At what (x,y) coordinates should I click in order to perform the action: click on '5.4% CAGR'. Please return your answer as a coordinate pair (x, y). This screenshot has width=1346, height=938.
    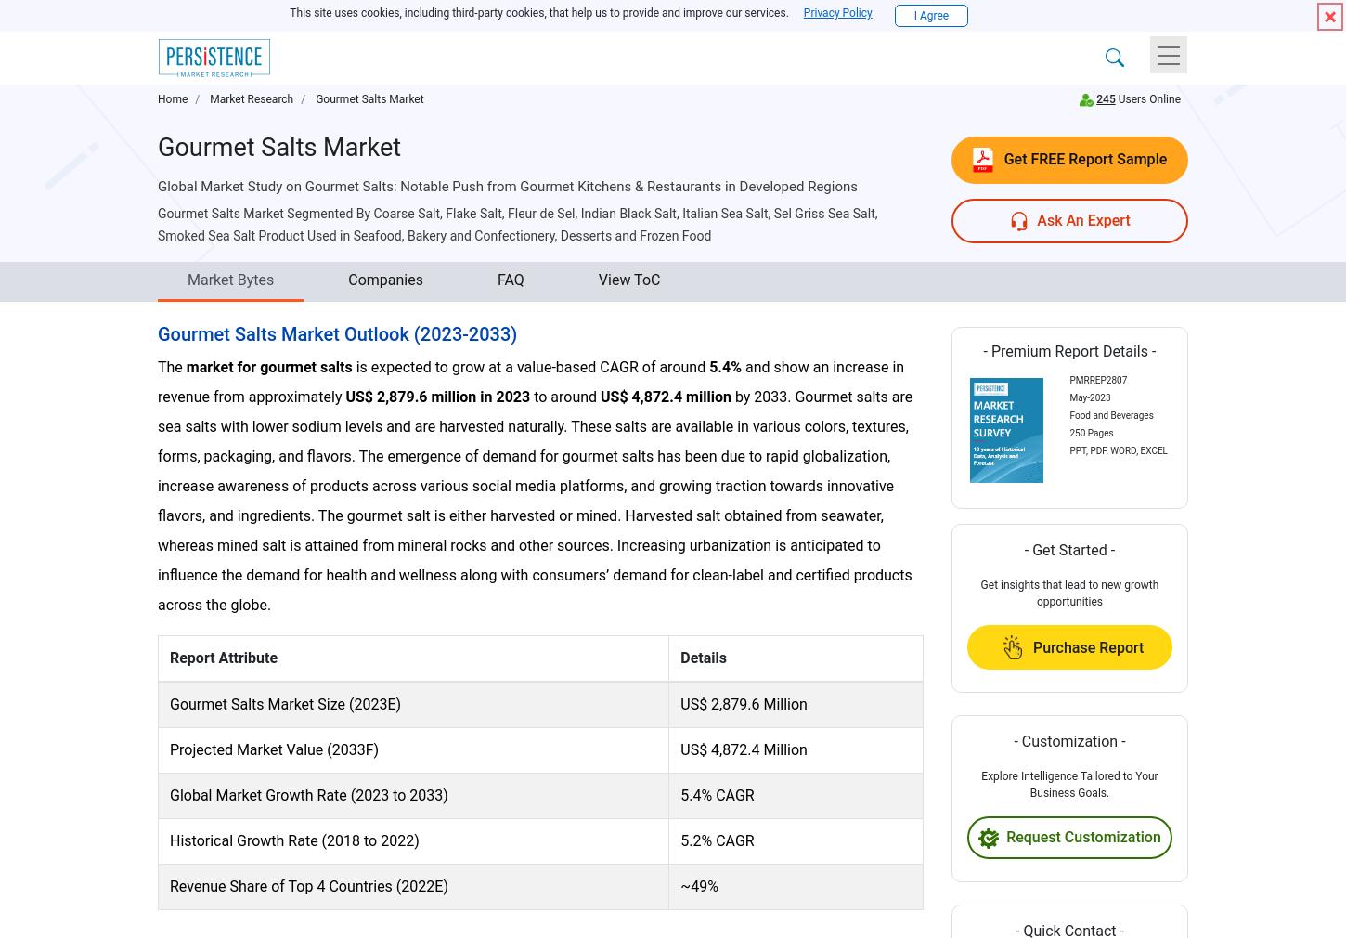
    Looking at the image, I should click on (679, 794).